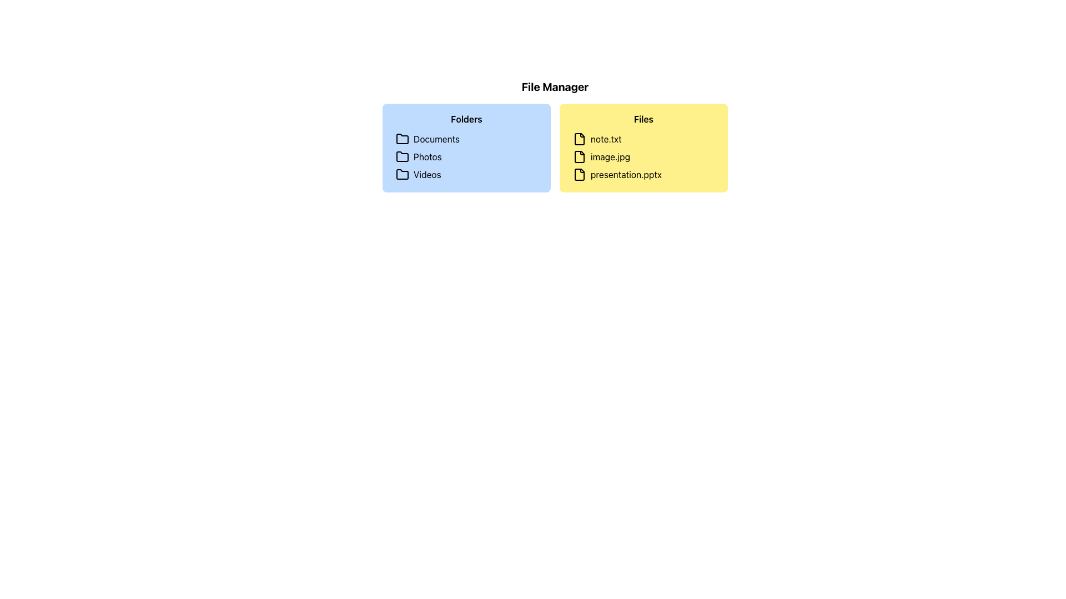  What do you see at coordinates (401, 156) in the screenshot?
I see `the 'Photos' folder icon, which is the second icon` at bounding box center [401, 156].